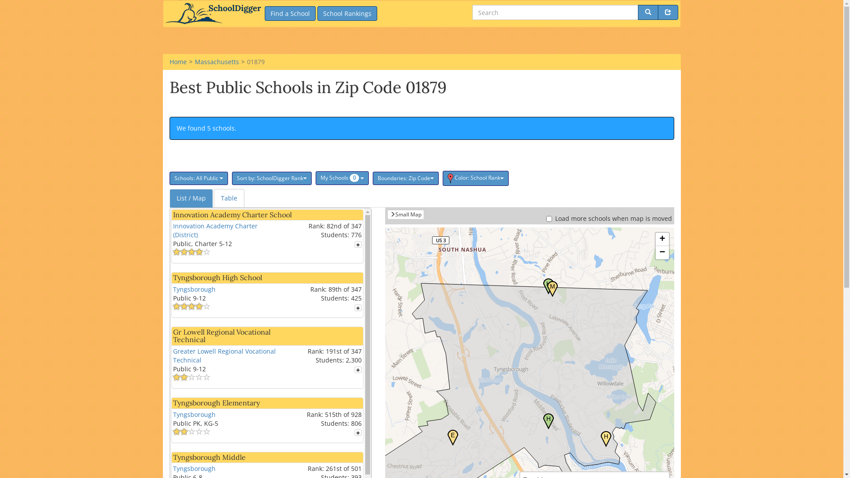  Describe the element at coordinates (177, 61) in the screenshot. I see `'Home'` at that location.